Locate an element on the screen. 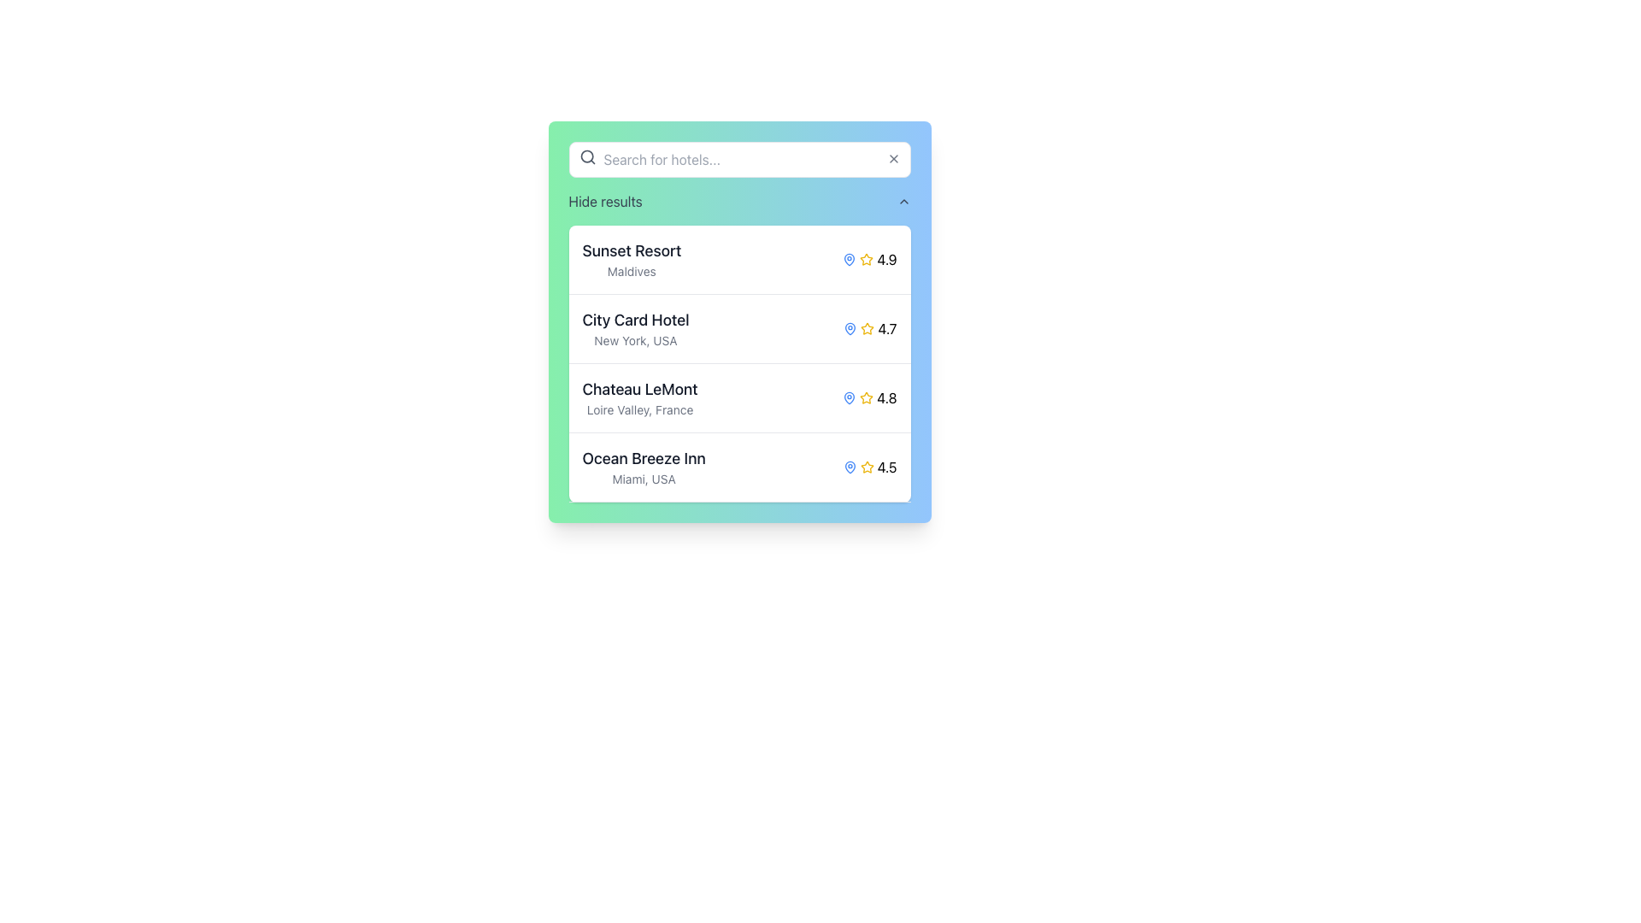 The height and width of the screenshot is (923, 1641). the text label indicating the location of the hotel 'Sunset Resort', which serves as contextual information for the user is located at coordinates (631, 270).